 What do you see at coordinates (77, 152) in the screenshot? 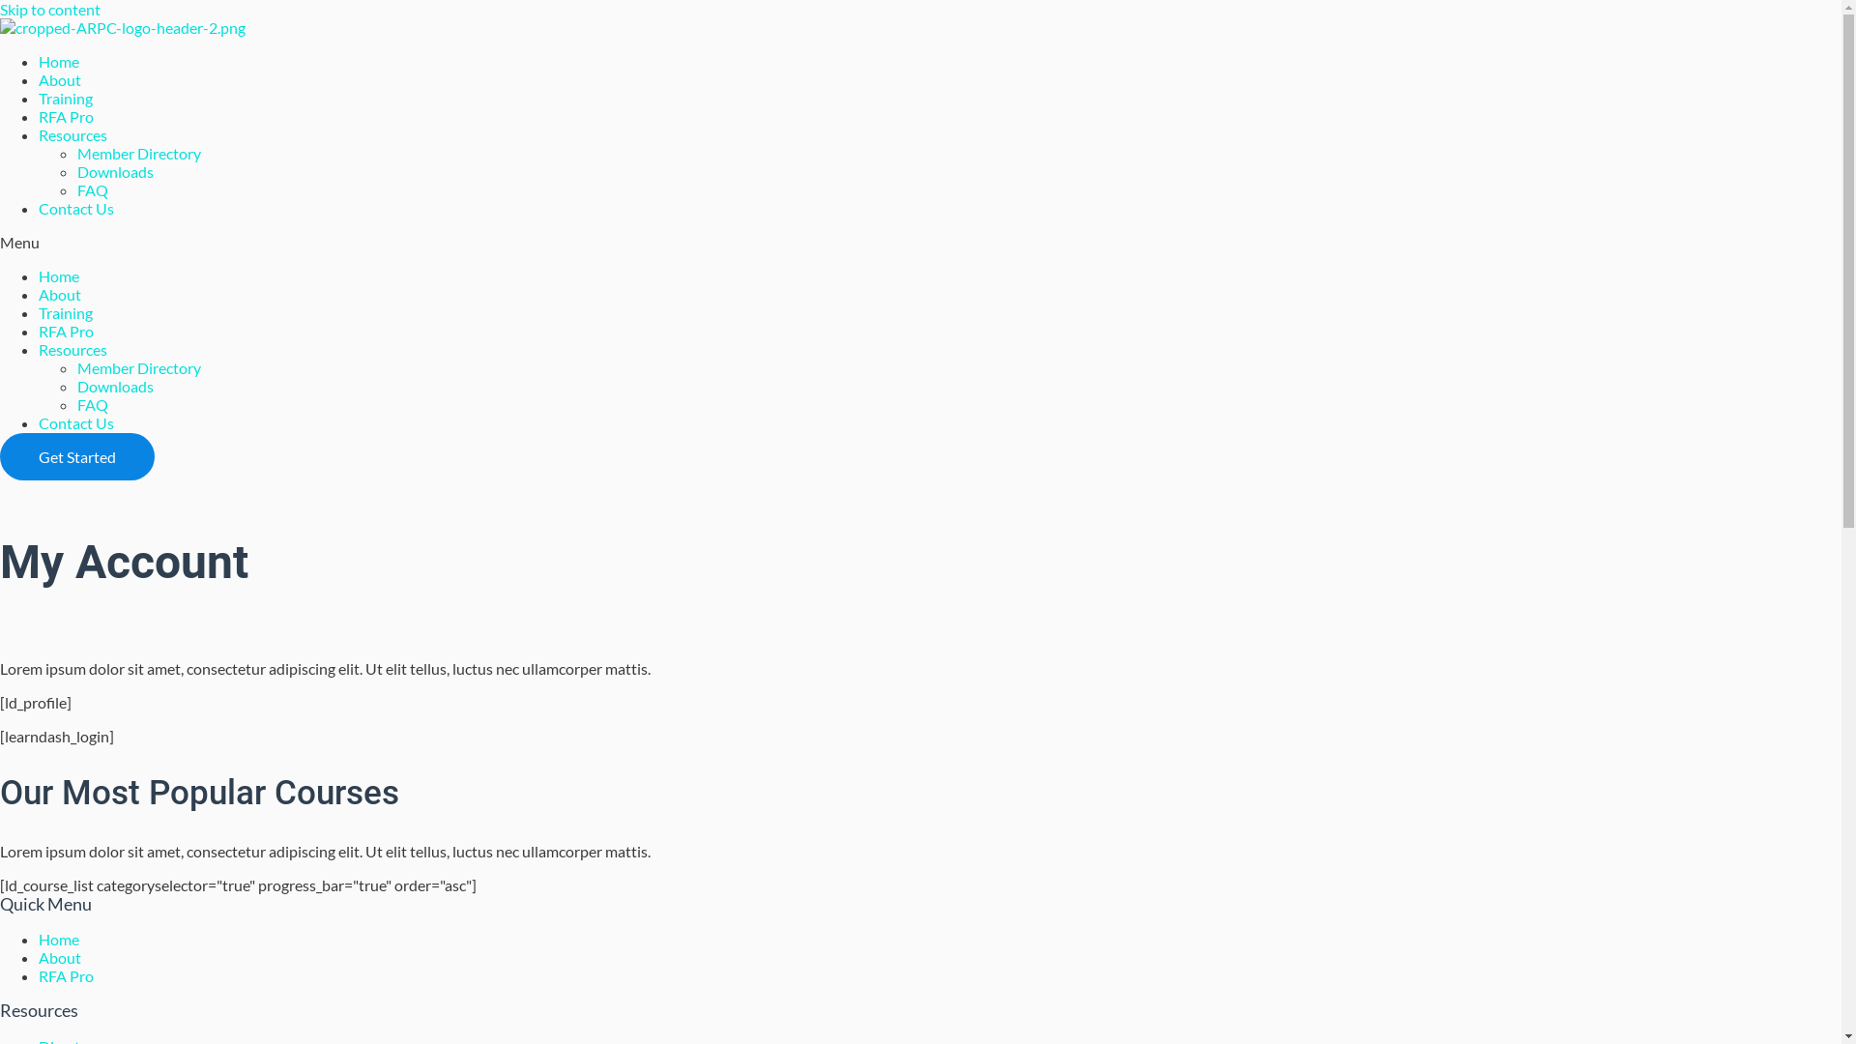
I see `'Member Directory'` at bounding box center [77, 152].